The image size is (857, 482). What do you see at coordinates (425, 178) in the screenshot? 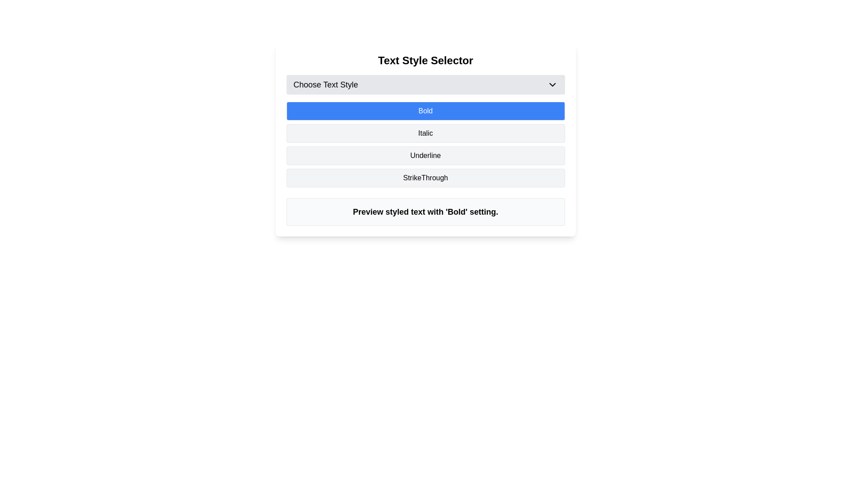
I see `the strikethrough button located below the 'Underline' option in the text style editor` at bounding box center [425, 178].